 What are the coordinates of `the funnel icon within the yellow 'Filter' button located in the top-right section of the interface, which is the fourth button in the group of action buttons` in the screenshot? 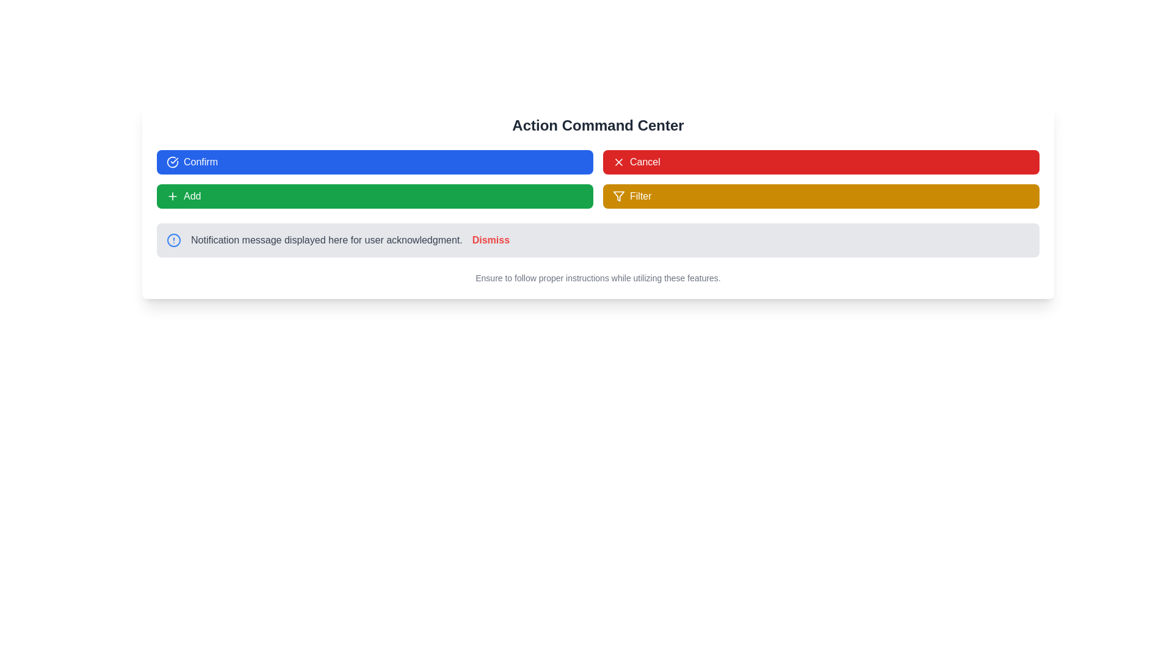 It's located at (618, 195).